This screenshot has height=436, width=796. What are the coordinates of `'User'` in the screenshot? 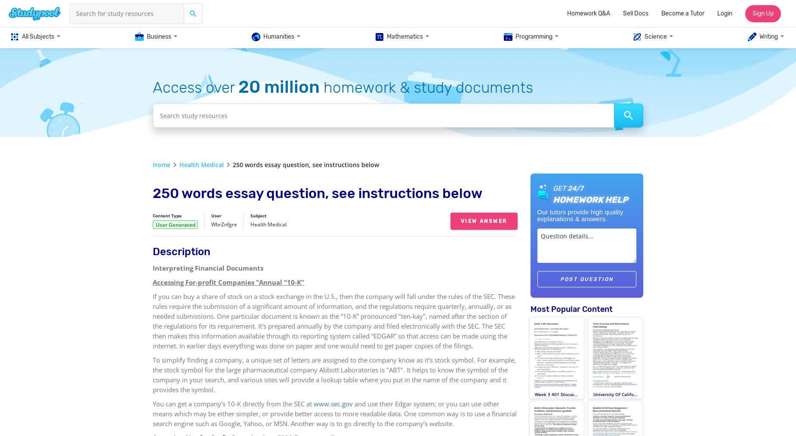 It's located at (216, 215).